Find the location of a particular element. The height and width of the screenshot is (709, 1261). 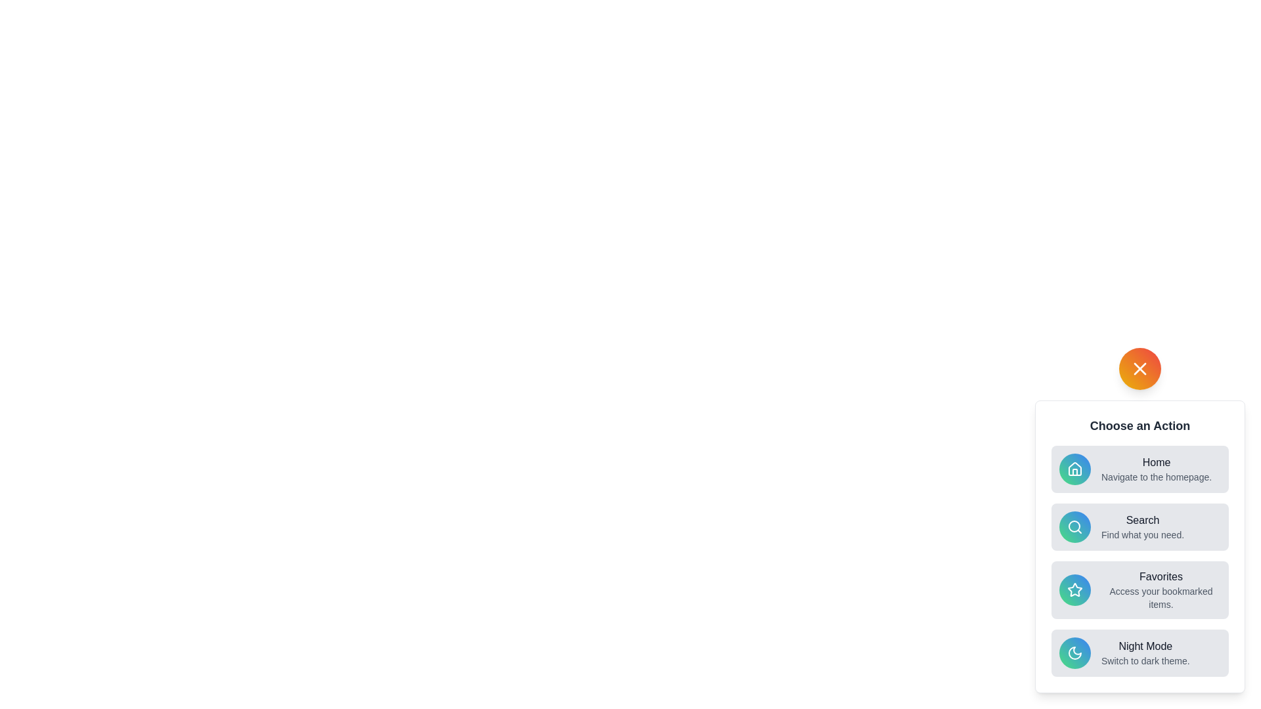

the 'Night Mode' option in the speed dial menu is located at coordinates (1139, 653).